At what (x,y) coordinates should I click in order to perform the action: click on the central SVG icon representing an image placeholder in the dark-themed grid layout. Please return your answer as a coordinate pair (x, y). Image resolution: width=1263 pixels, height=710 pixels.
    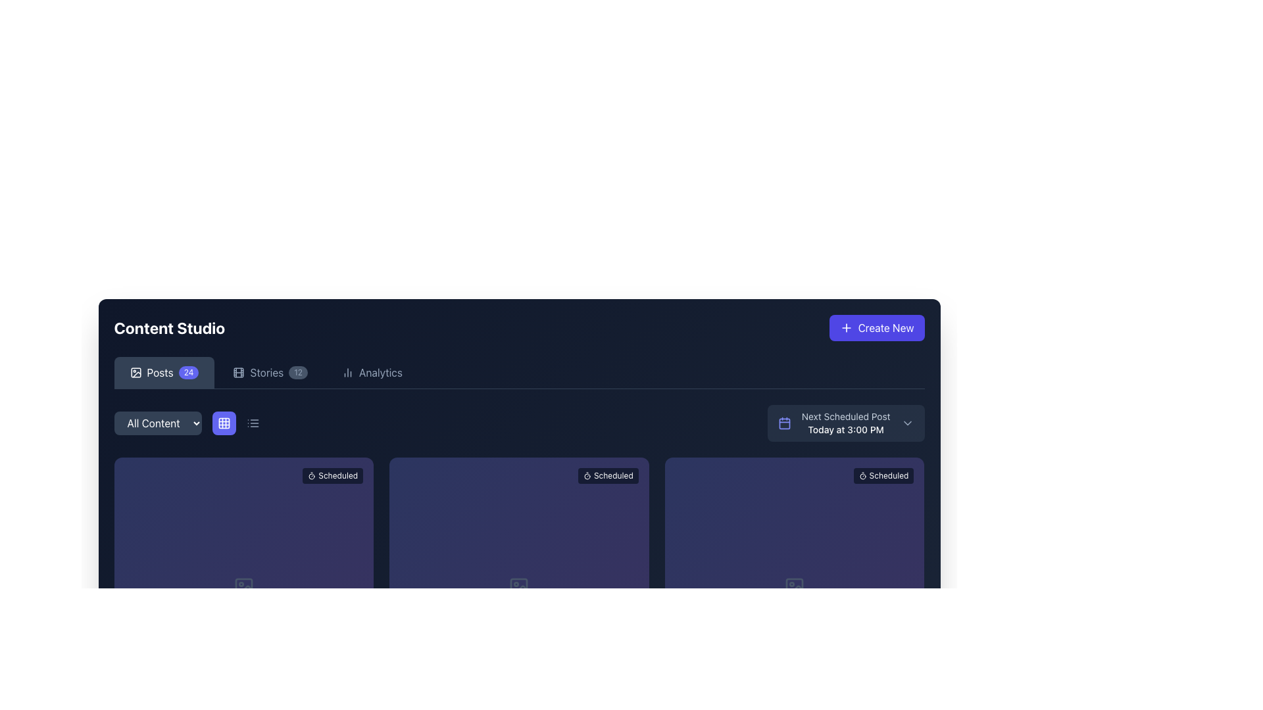
    Looking at the image, I should click on (518, 586).